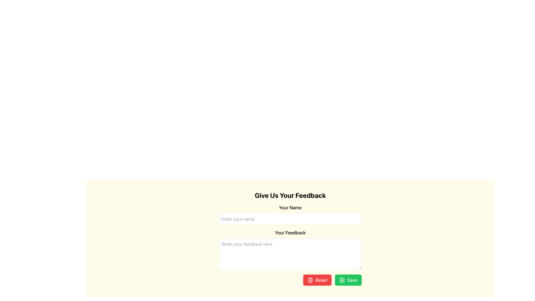 The image size is (535, 301). Describe the element at coordinates (348, 280) in the screenshot. I see `the 'Save' button located at the bottom-right corner of the feedback form` at that location.